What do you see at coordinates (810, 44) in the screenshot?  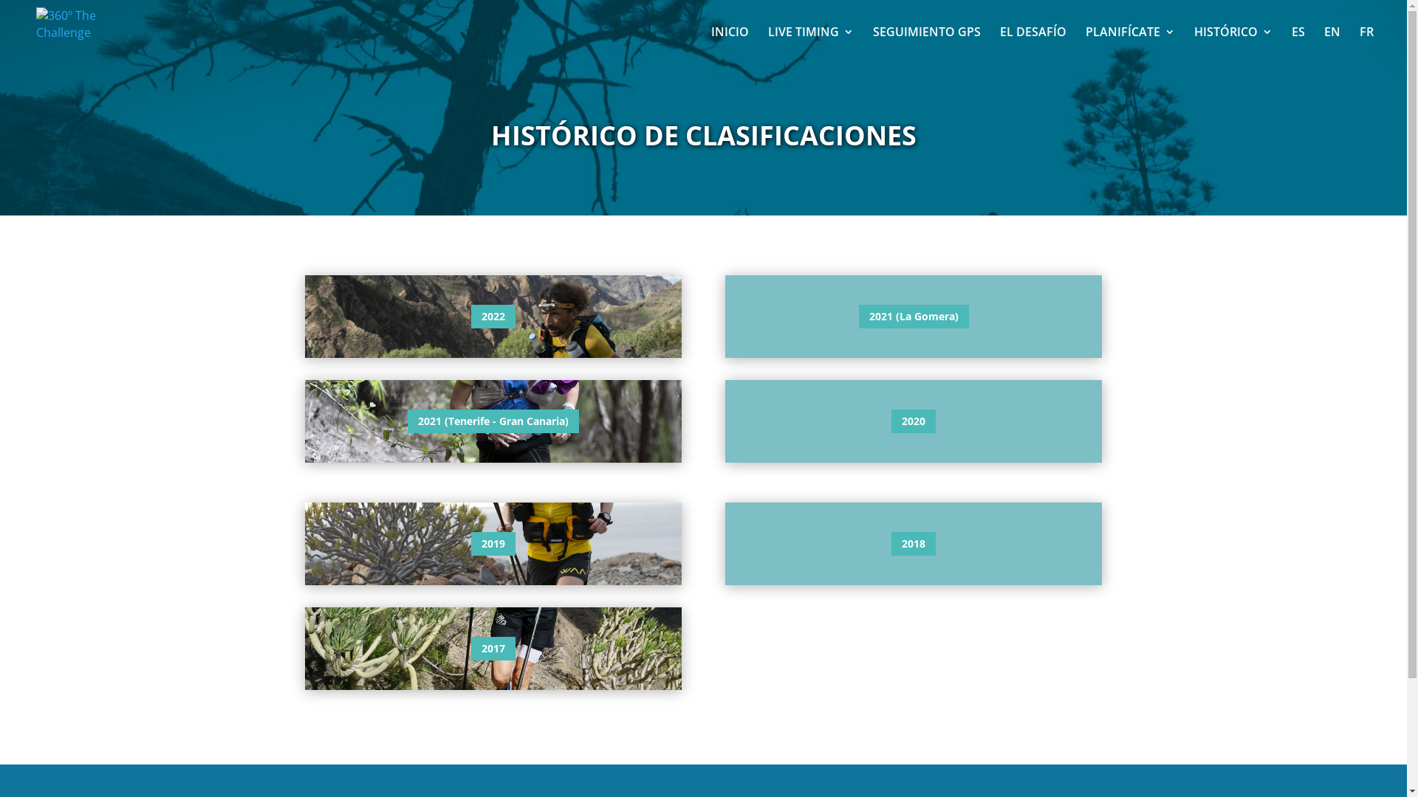 I see `'LIVE TIMING'` at bounding box center [810, 44].